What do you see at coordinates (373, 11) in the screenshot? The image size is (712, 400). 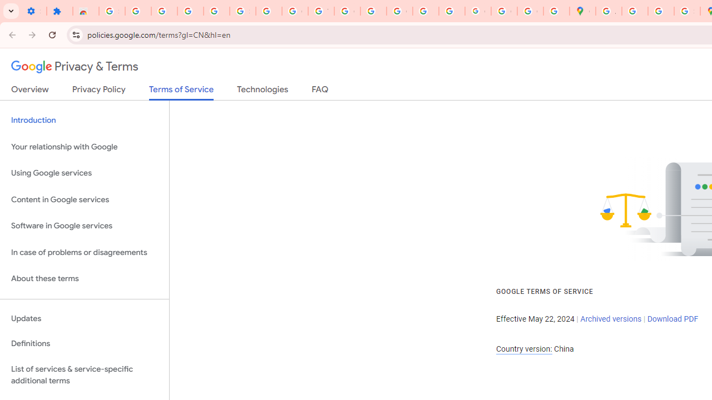 I see `'https://scholar.google.com/'` at bounding box center [373, 11].